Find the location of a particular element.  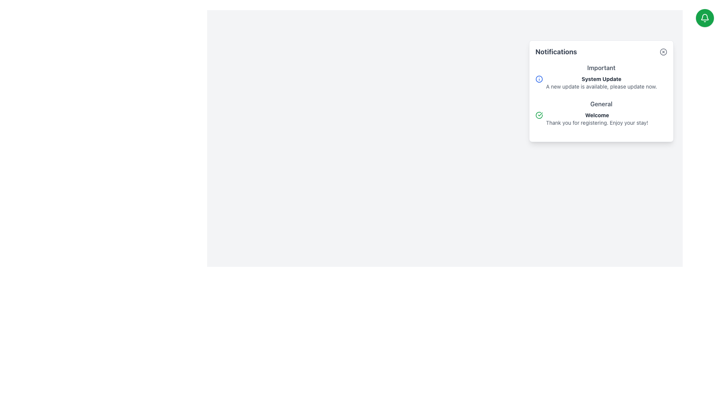

registration confirmation notification located at the bottom of the Notifications list, following the Important notification is located at coordinates (601, 115).